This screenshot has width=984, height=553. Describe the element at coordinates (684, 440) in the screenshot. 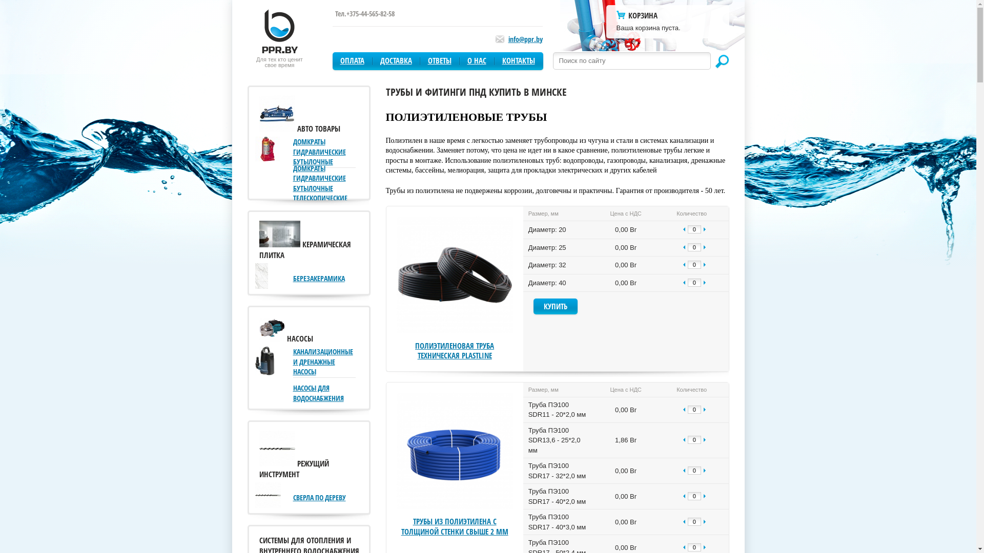

I see `'-'` at that location.